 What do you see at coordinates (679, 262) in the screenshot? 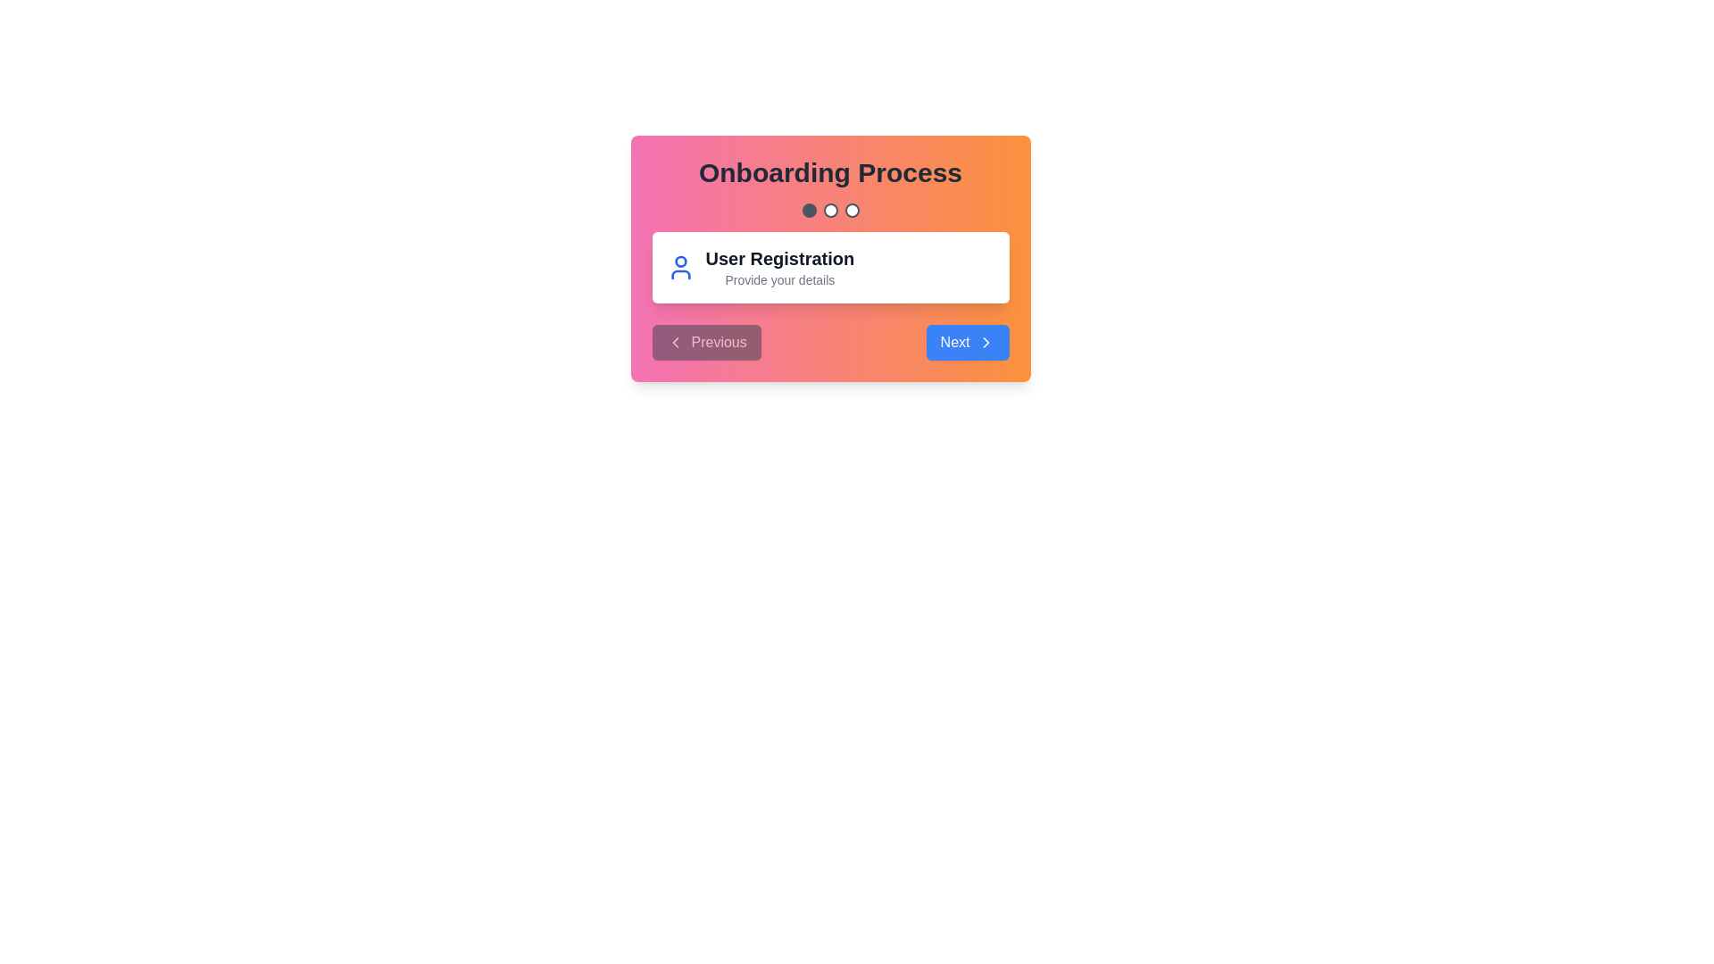
I see `the decorative graphic element (circle within SVG) located near the top-left of the user profile icon on the onboarding card interface` at bounding box center [679, 262].